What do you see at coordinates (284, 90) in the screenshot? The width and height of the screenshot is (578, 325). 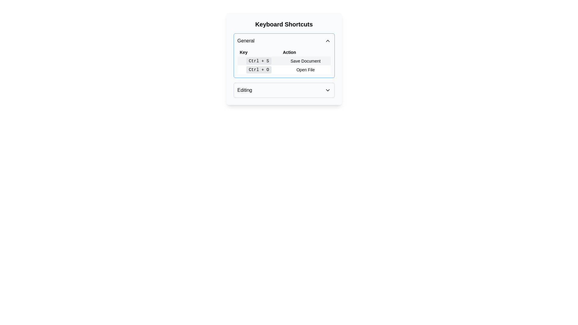 I see `an option from the dropdown menu labeled 'Editing' located in the 'Keyboard Shortcuts' section by clicking on it` at bounding box center [284, 90].